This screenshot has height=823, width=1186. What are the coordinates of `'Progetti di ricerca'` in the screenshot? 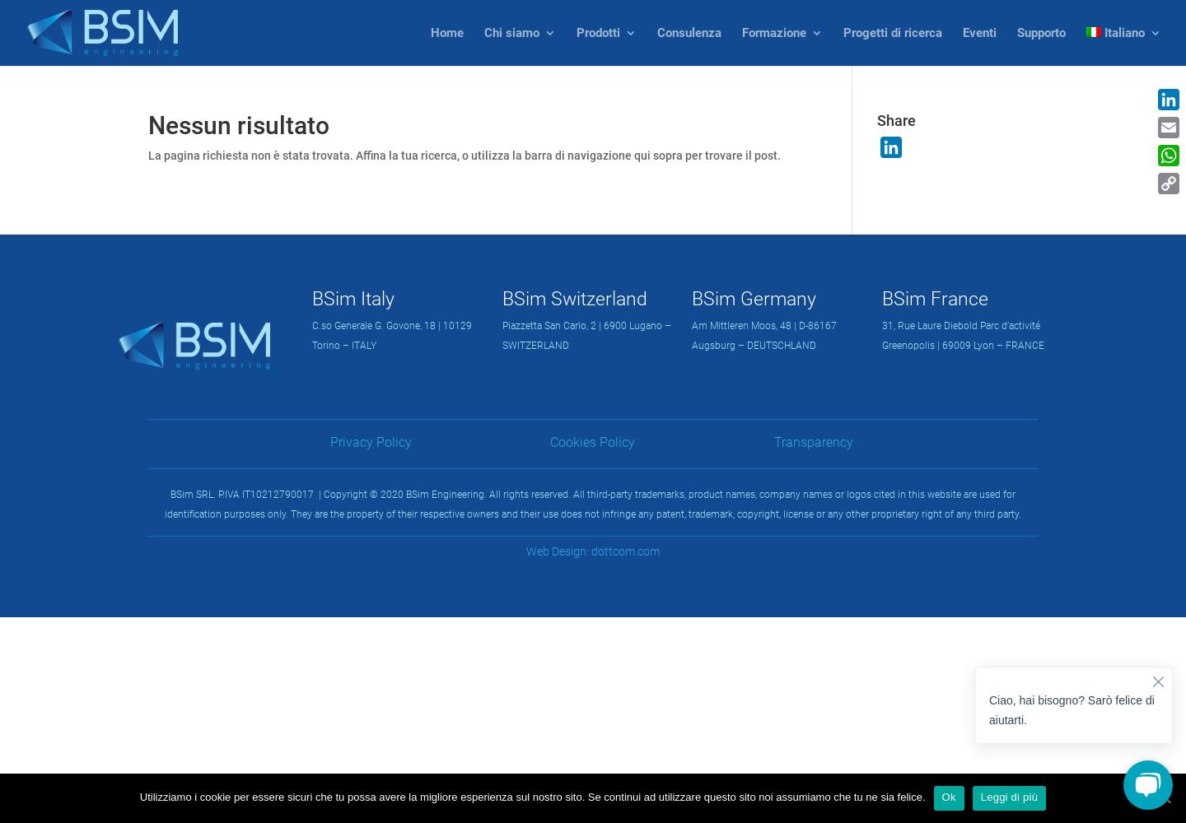 It's located at (891, 33).